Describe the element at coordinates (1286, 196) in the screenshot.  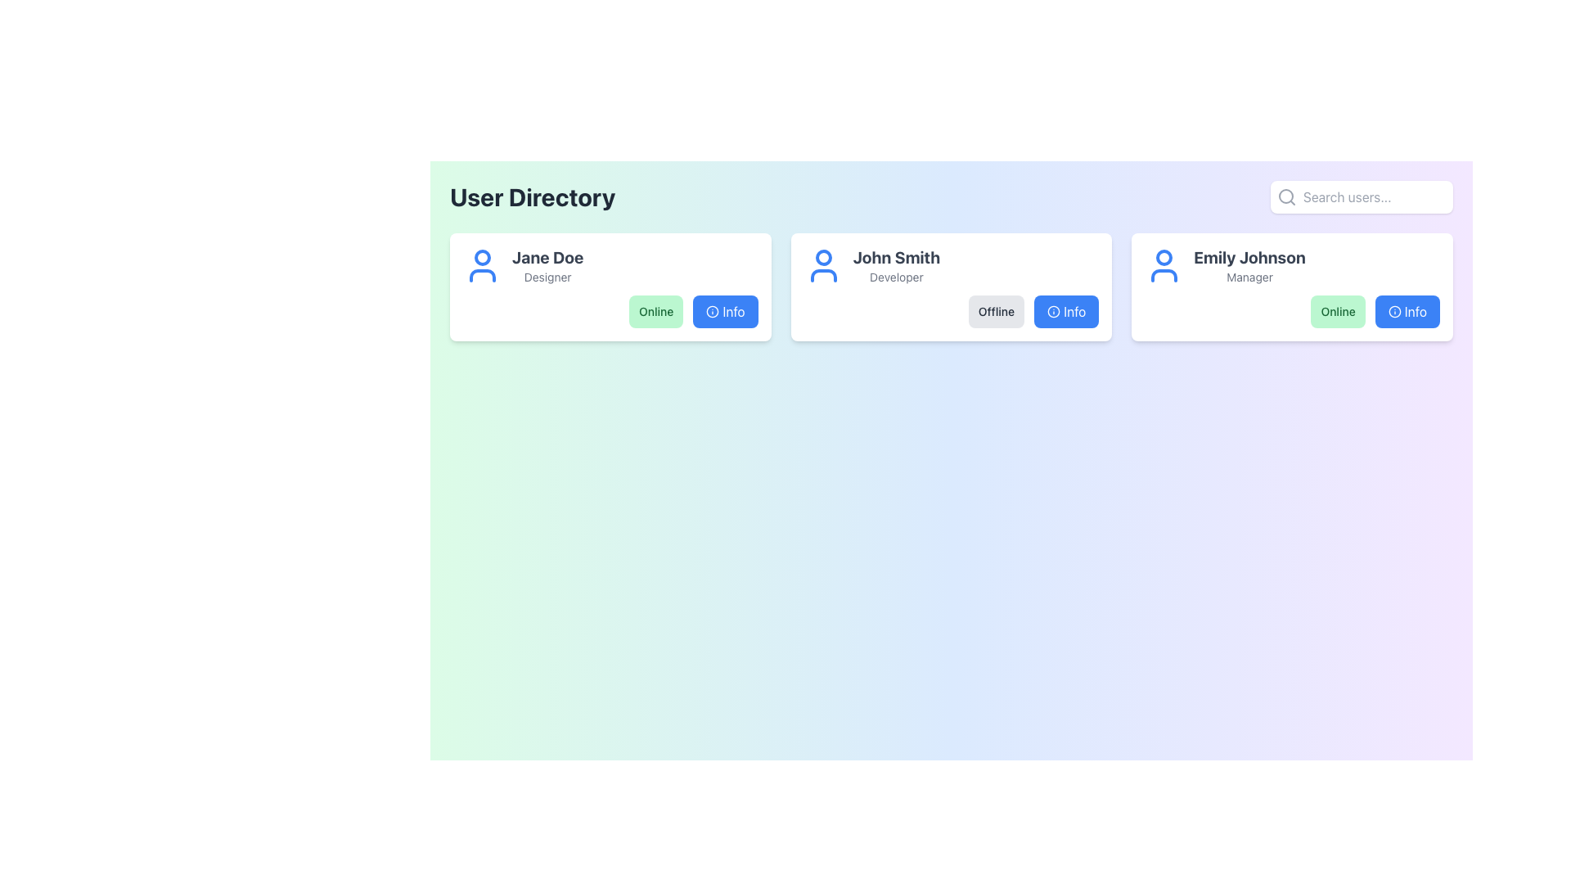
I see `the magnifying glass icon representing the search functionality, which is located at the start of the search input field` at that location.